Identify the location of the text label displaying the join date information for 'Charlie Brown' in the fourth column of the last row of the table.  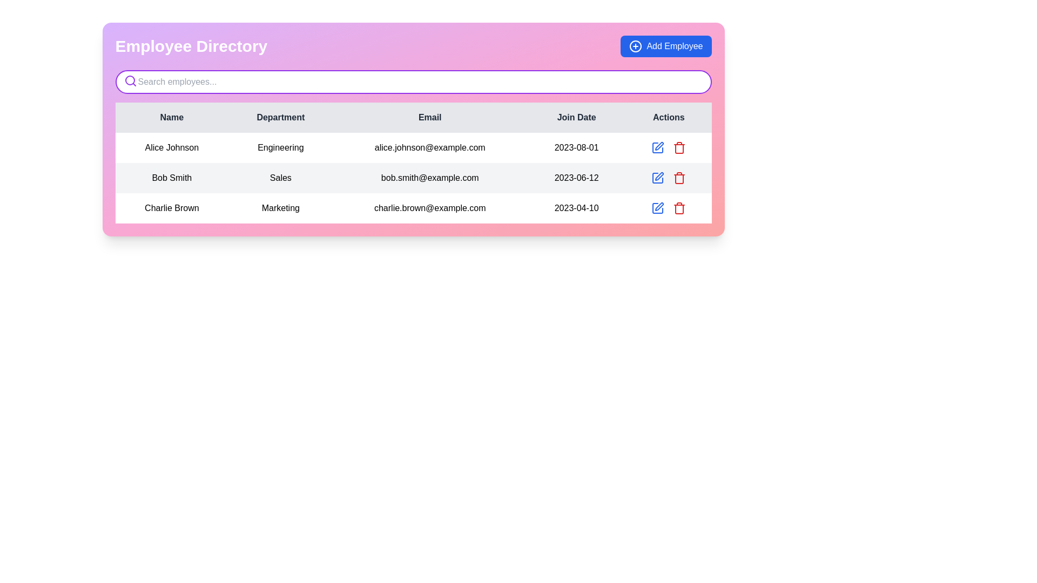
(576, 208).